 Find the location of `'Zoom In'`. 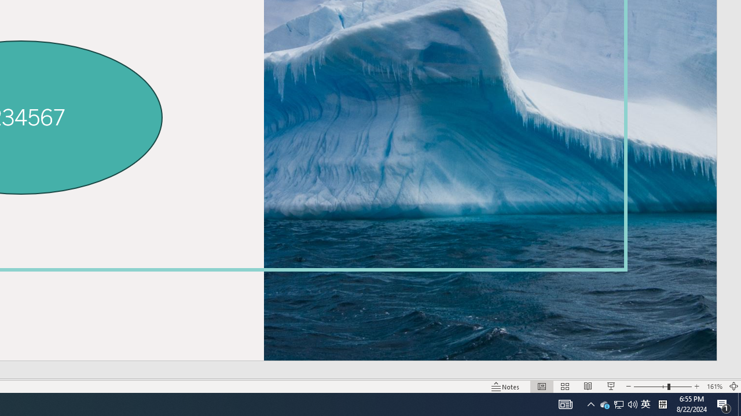

'Zoom In' is located at coordinates (696, 387).